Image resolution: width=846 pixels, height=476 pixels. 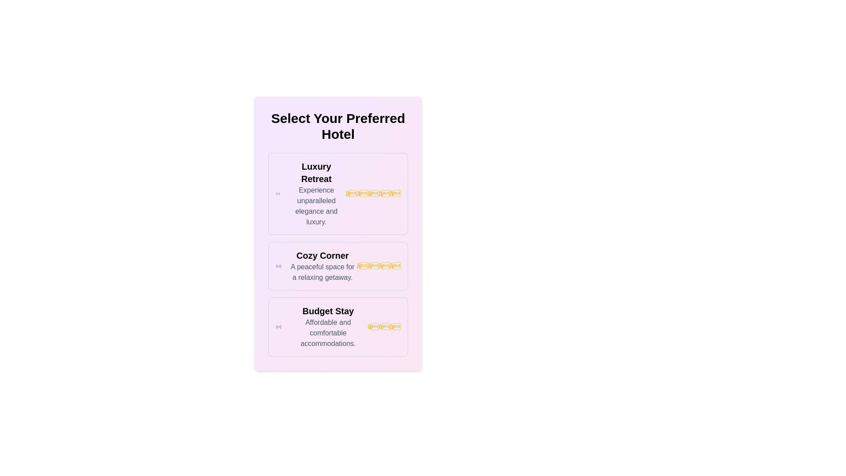 What do you see at coordinates (378, 266) in the screenshot?
I see `the static visual rating display of yellow stars associated with the 'Cozy Corner' option, which is the middle item in a vertical list of three` at bounding box center [378, 266].